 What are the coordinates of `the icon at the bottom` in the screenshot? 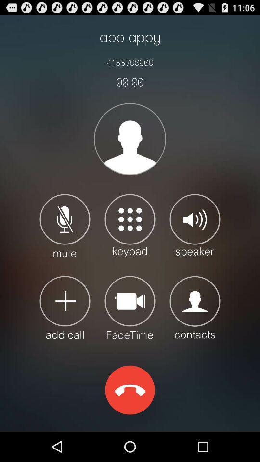 It's located at (130, 390).